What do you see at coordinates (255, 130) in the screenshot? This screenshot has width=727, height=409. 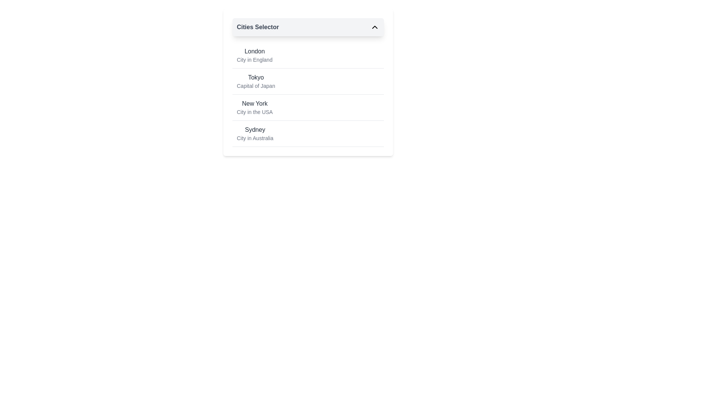 I see `the 'Sydney' text label which is styled as a title or header, positioned above 'City in Australia' in the 'Cities Selector' dropdown` at bounding box center [255, 130].